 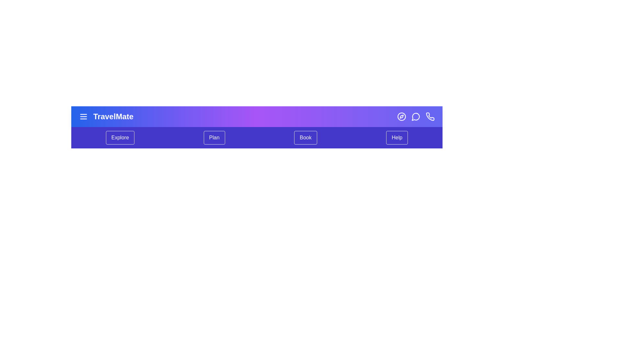 What do you see at coordinates (83, 116) in the screenshot?
I see `the menu icon to toggle the menu visibility` at bounding box center [83, 116].